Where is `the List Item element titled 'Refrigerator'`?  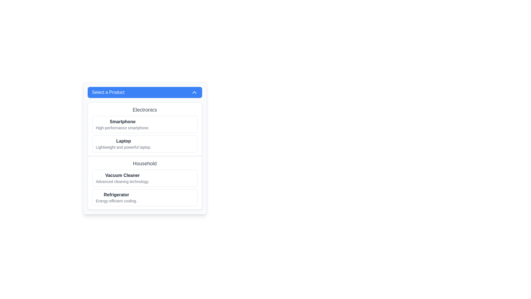 the List Item element titled 'Refrigerator' is located at coordinates (145, 197).